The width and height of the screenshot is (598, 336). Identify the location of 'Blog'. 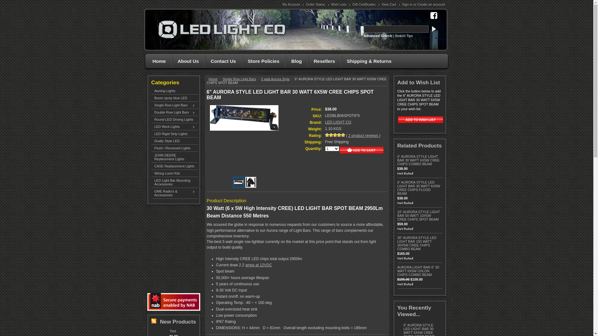
(285, 62).